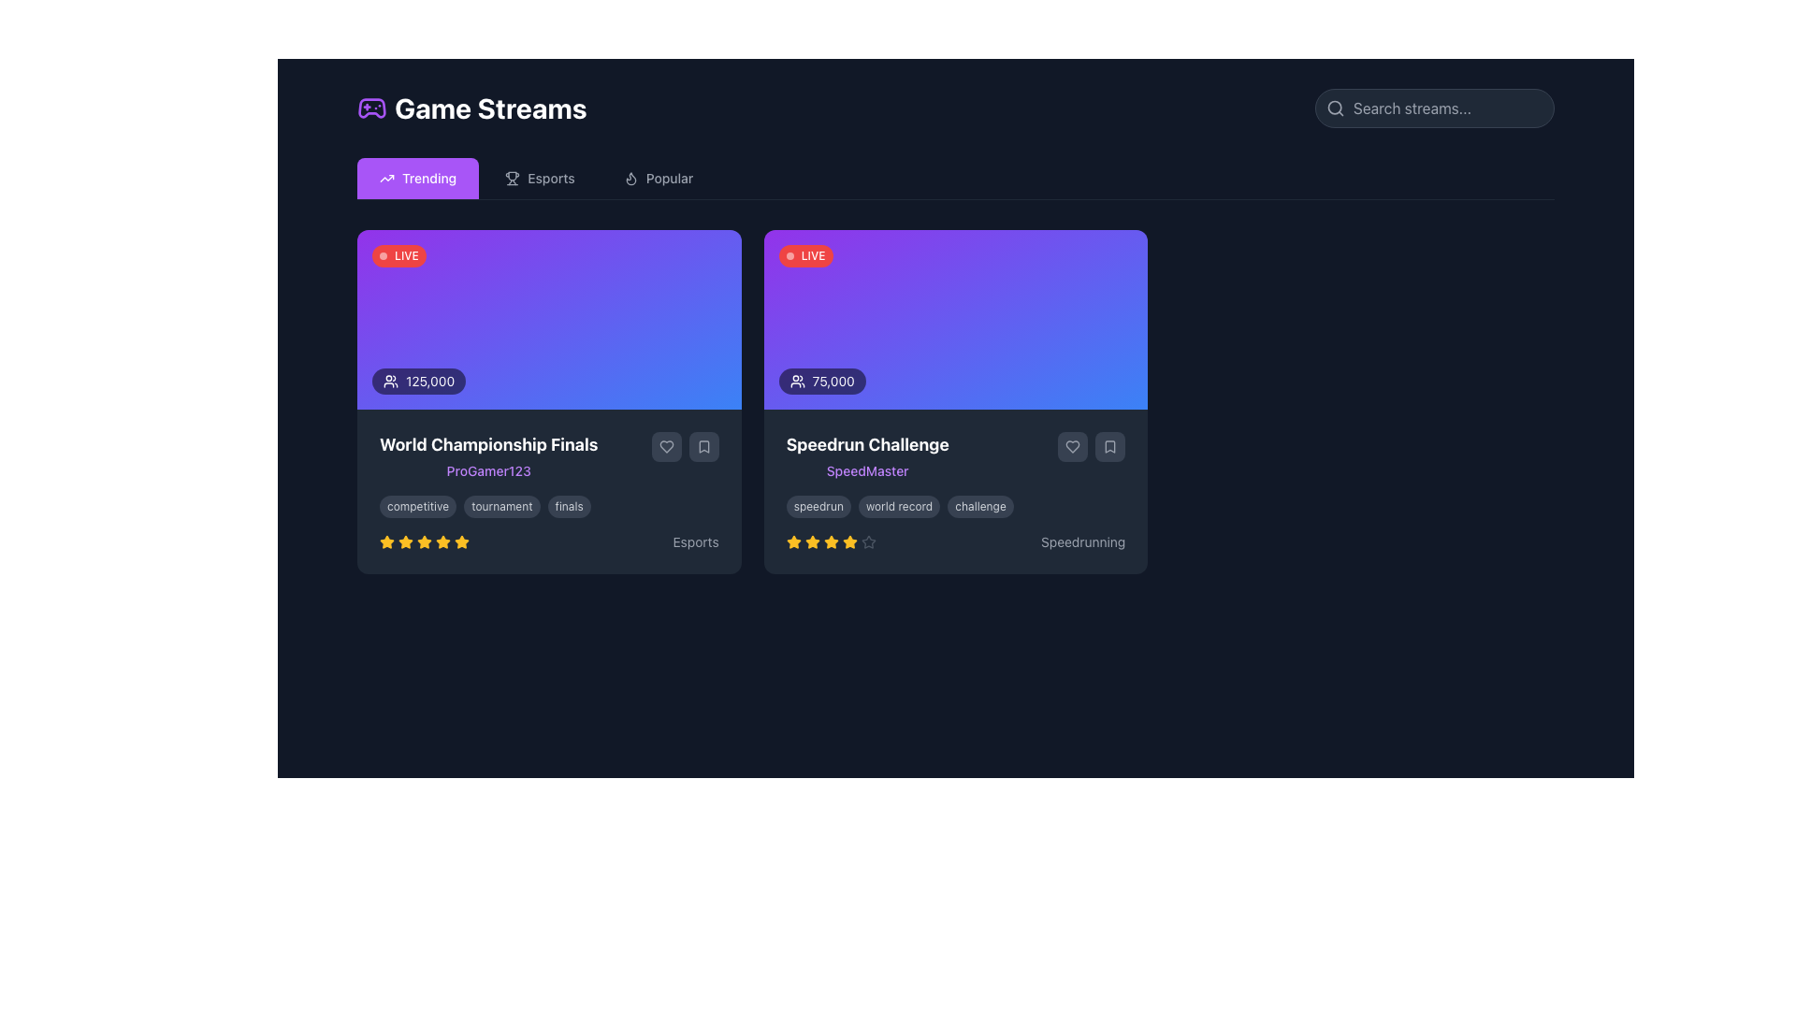 The width and height of the screenshot is (1796, 1010). Describe the element at coordinates (669, 179) in the screenshot. I see `the navigation tab text label that sorts content by popularity, located to the right of the 'Esports' label and next to a flame icon` at that location.